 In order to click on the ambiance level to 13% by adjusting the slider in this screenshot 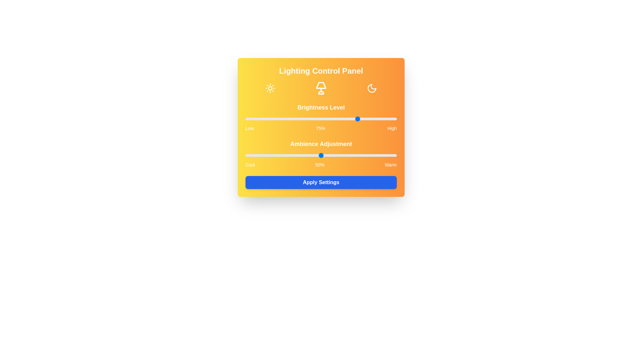, I will do `click(265, 155)`.